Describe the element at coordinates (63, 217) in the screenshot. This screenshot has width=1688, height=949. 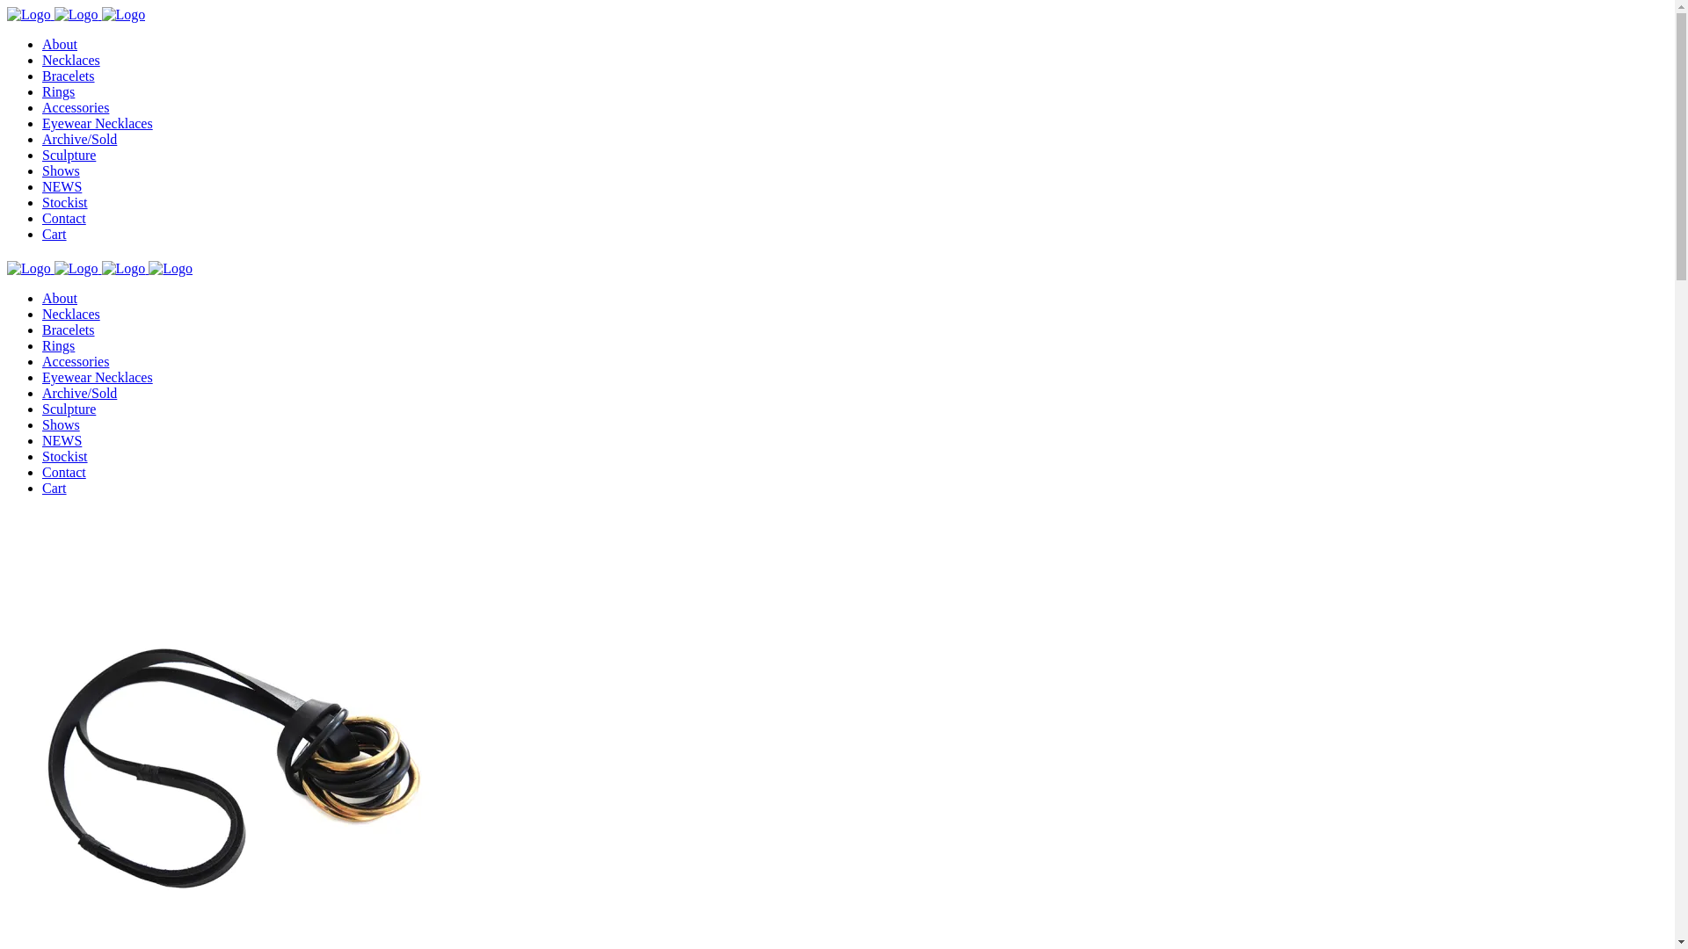
I see `'Contact'` at that location.